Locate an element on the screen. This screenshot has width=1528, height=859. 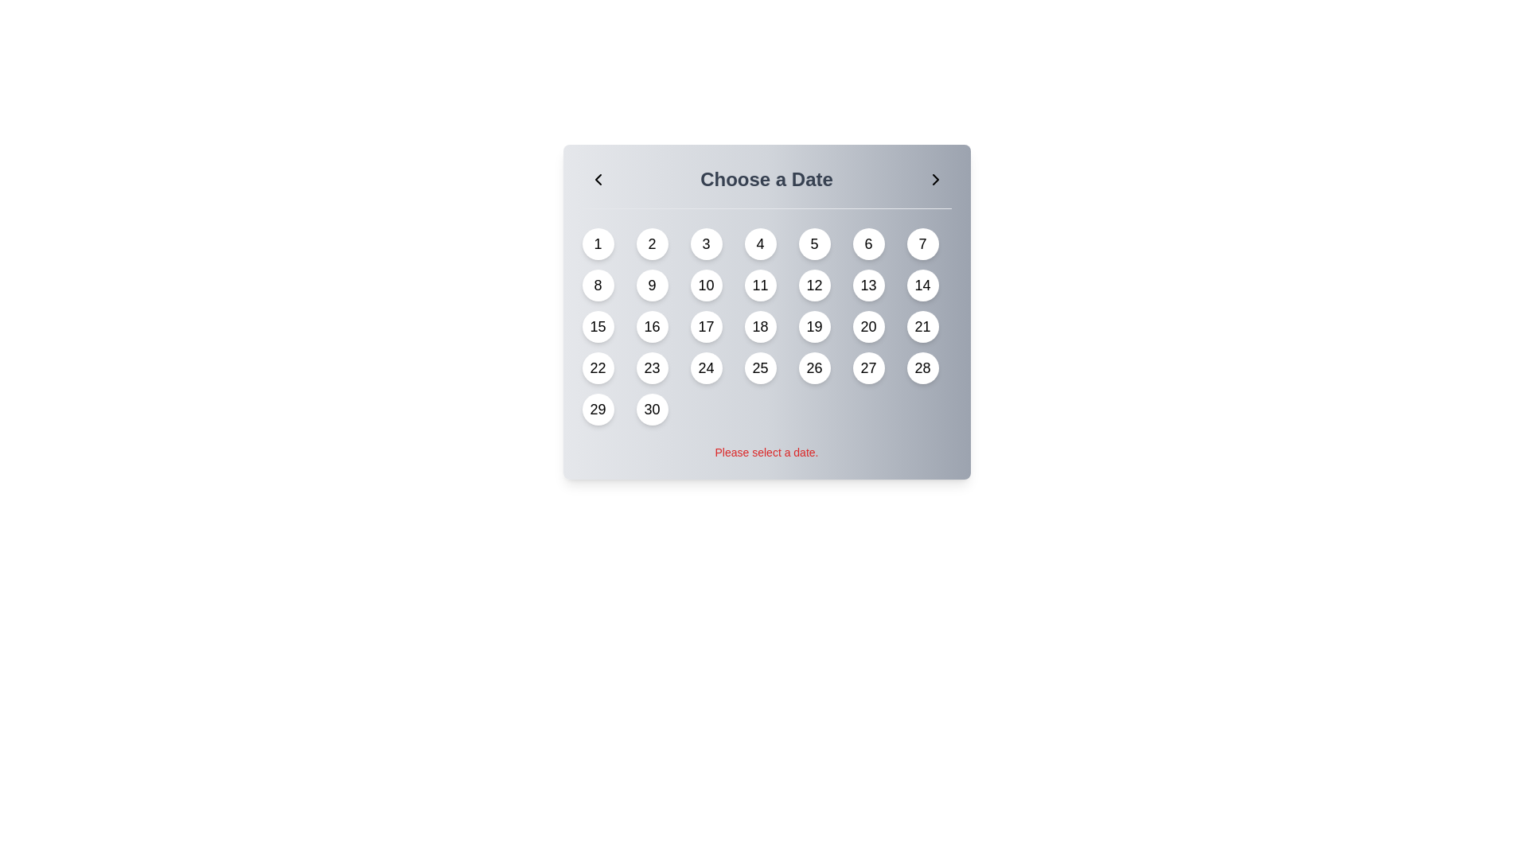
the button representing the selectable date of the 28th in the calendar interface, located in the fourth row and seventh column of the grid layout is located at coordinates (922, 367).